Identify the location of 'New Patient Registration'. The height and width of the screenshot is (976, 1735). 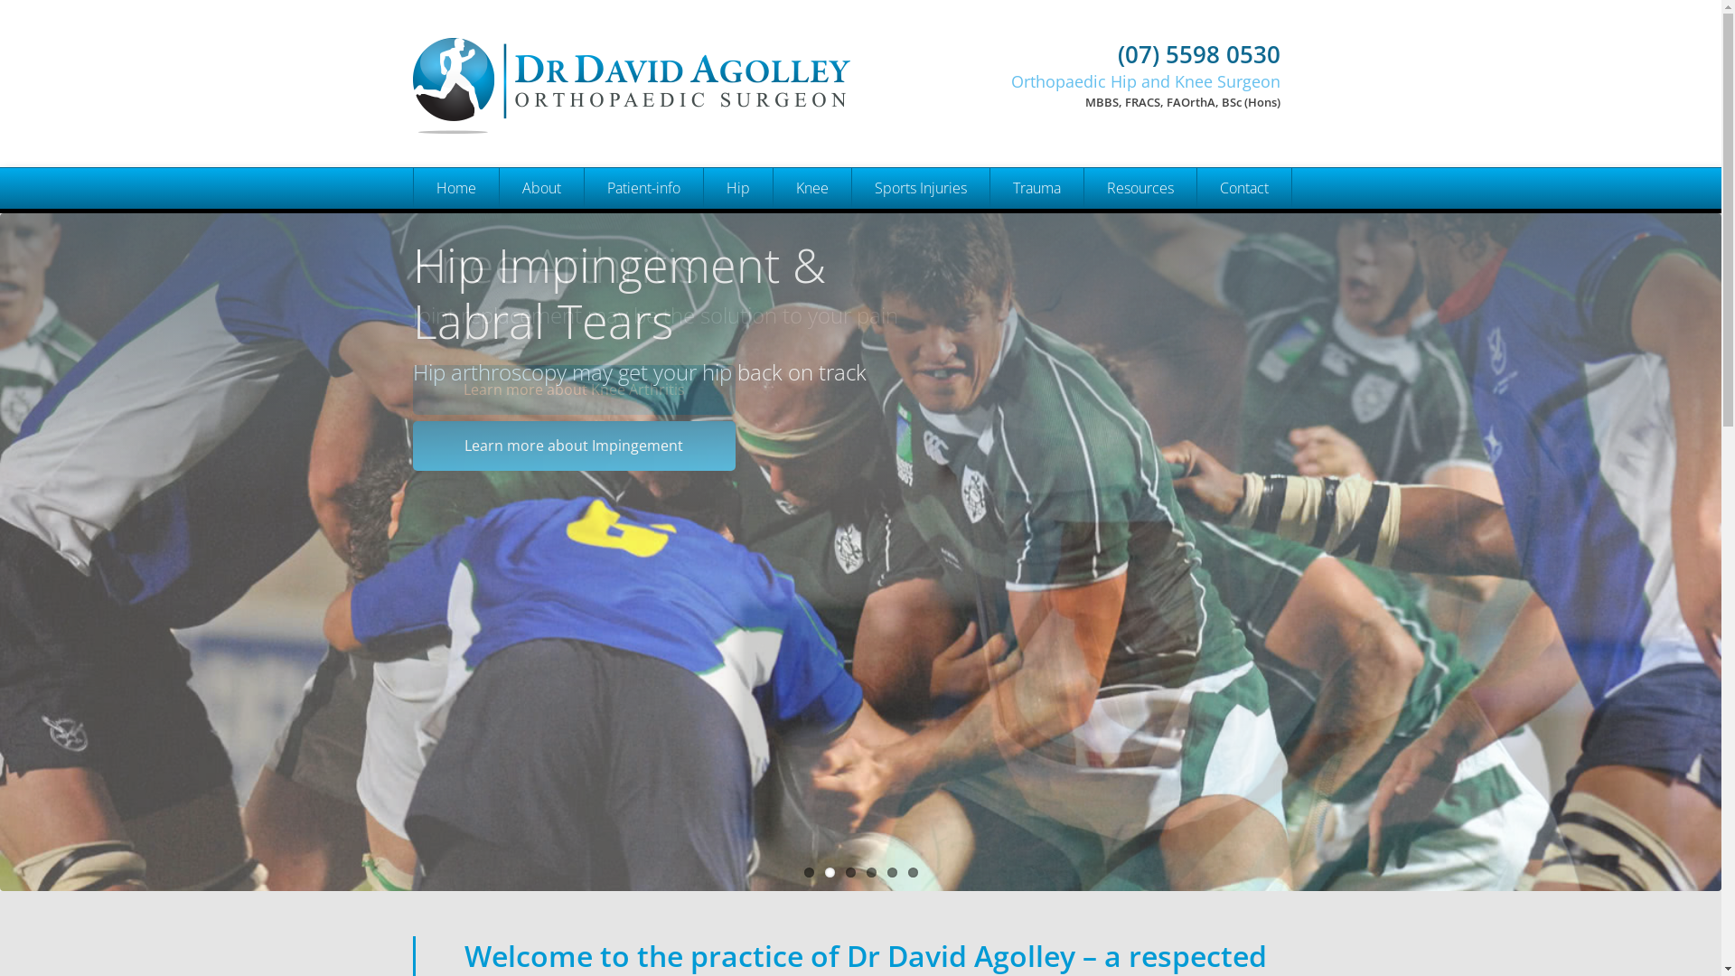
(584, 351).